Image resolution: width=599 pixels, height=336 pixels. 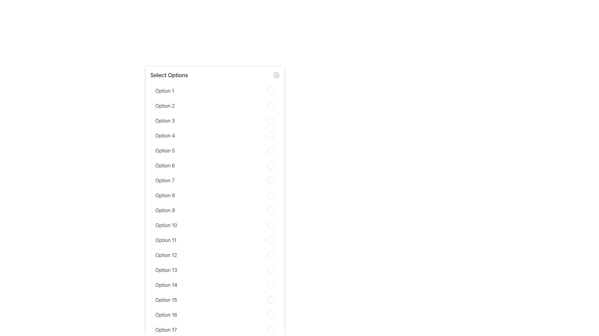 I want to click on the 'Option 3' label in the selection menu, which is the third label in a vertical list and aligned with a radio button, so click(x=165, y=121).